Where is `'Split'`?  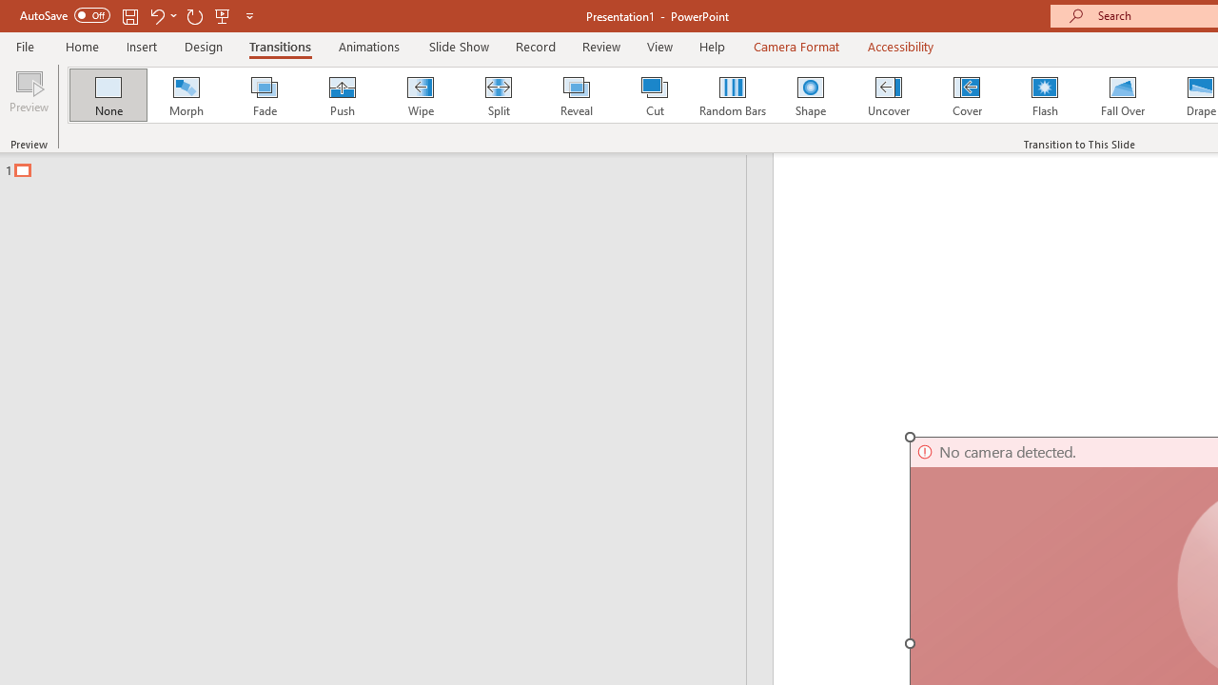 'Split' is located at coordinates (498, 95).